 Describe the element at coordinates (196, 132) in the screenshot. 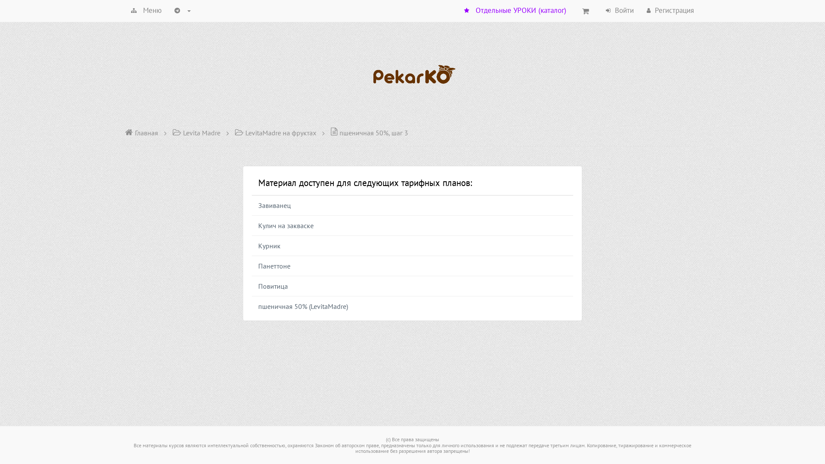

I see `'Levita Madre'` at that location.